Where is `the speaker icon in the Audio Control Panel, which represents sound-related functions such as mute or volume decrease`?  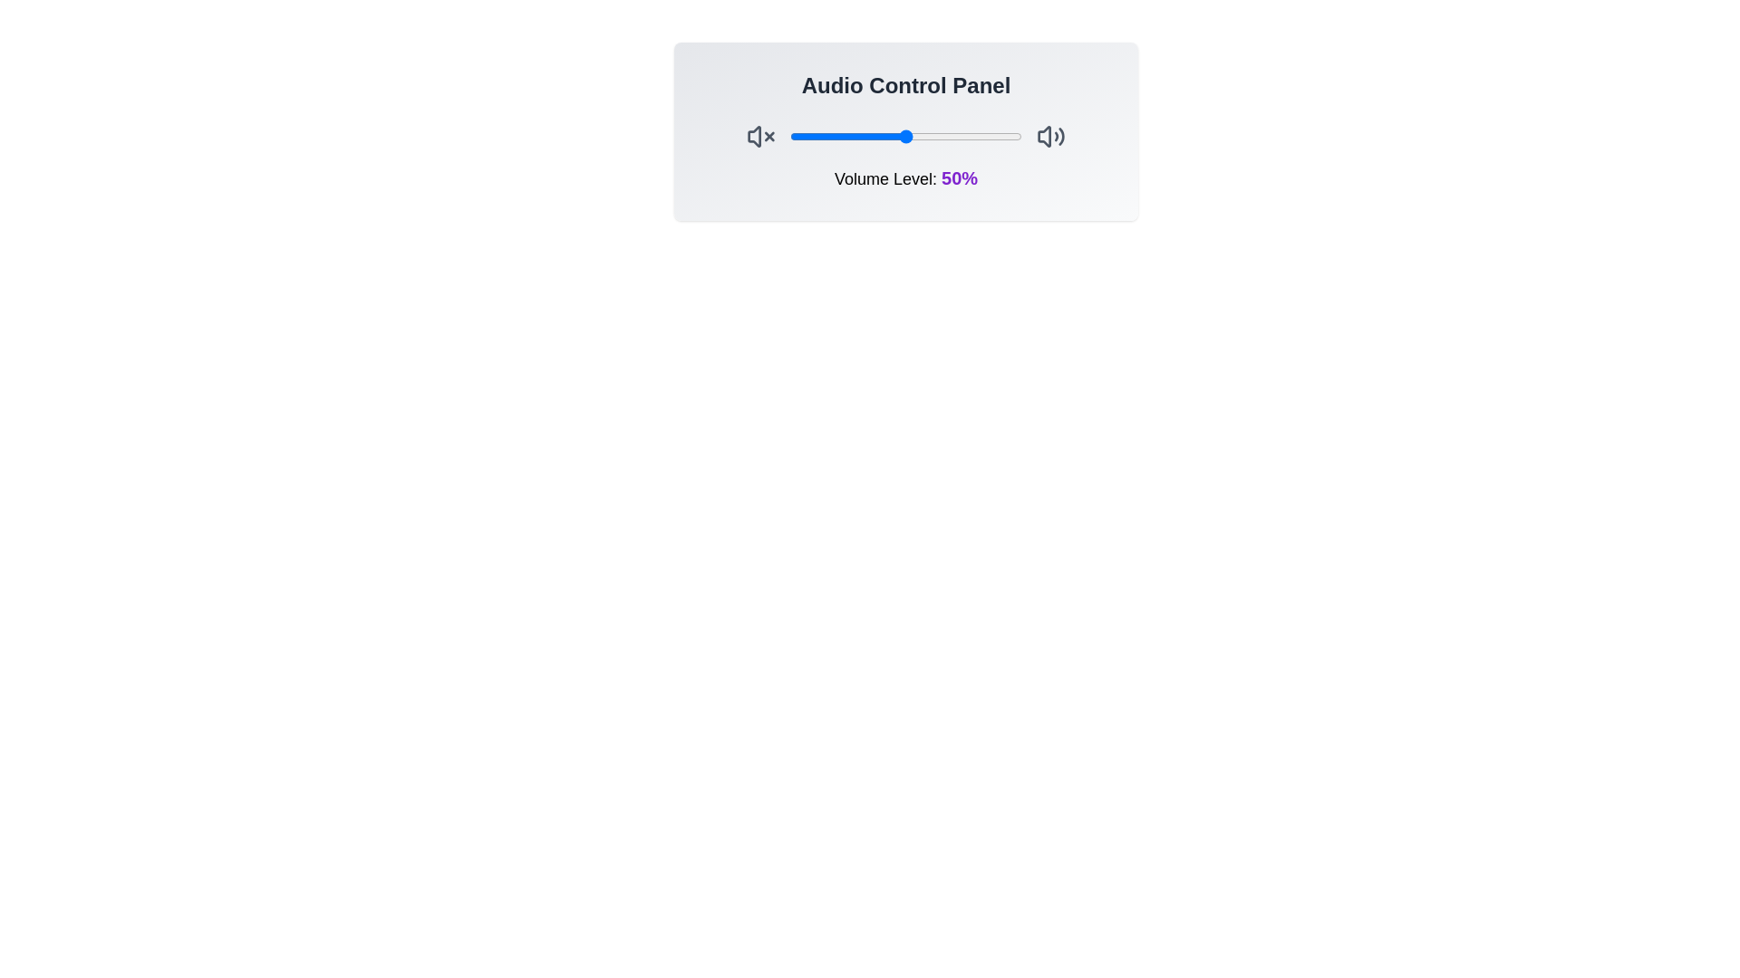
the speaker icon in the Audio Control Panel, which represents sound-related functions such as mute or volume decrease is located at coordinates (754, 135).